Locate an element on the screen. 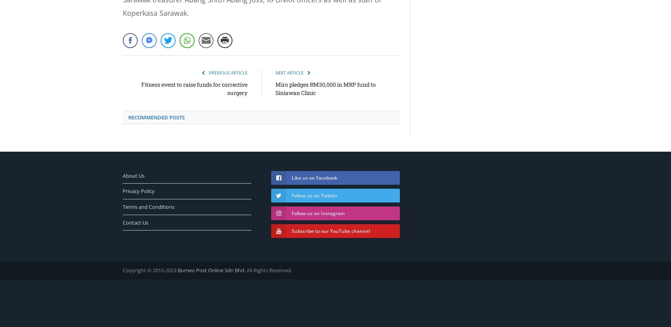 Image resolution: width=671 pixels, height=327 pixels. 'Subscribe to our YouTube channel' is located at coordinates (291, 230).